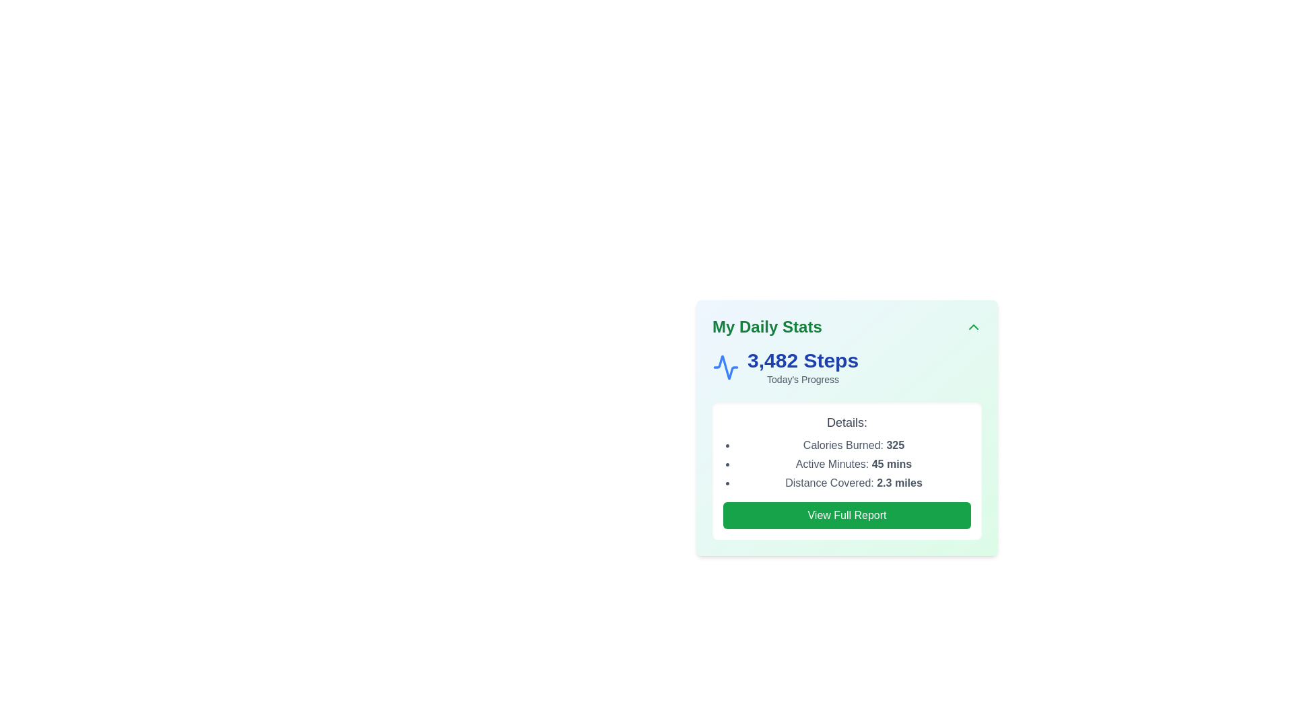 Image resolution: width=1293 pixels, height=727 pixels. Describe the element at coordinates (895, 445) in the screenshot. I see `the bold text displaying the number '325' at the end of the 'Calories Burned: 325' line within the 'My Daily Stats' card` at that location.